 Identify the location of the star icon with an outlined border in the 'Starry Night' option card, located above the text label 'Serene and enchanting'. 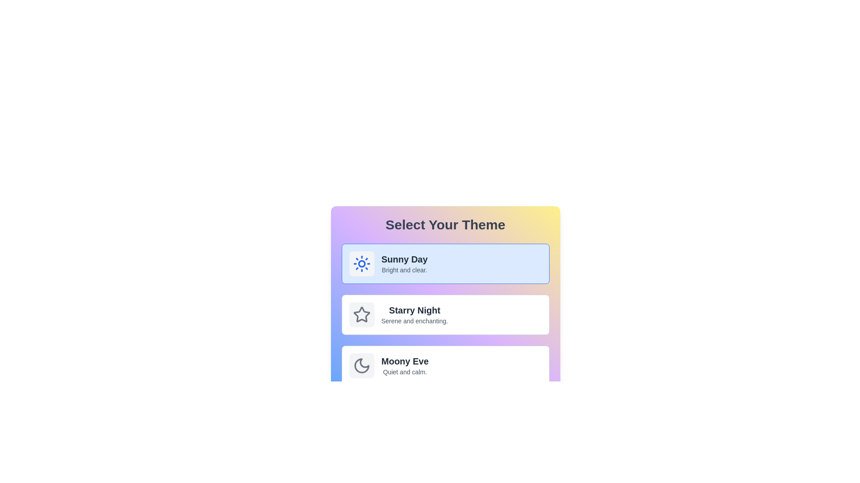
(361, 314).